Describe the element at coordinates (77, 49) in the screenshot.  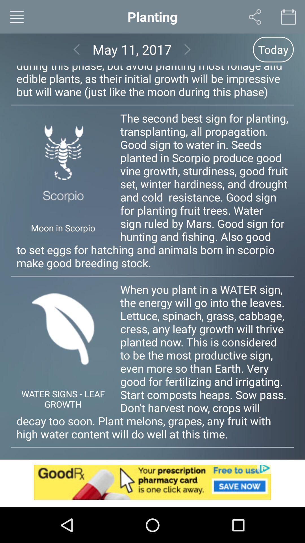
I see `previous day` at that location.